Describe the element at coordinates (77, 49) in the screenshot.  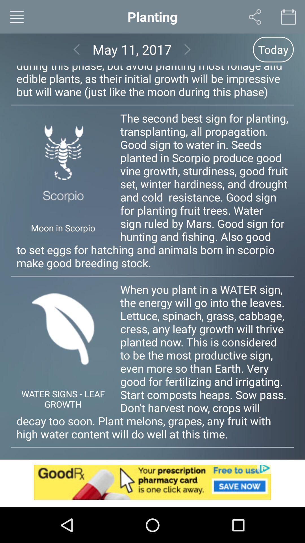
I see `previous day` at that location.